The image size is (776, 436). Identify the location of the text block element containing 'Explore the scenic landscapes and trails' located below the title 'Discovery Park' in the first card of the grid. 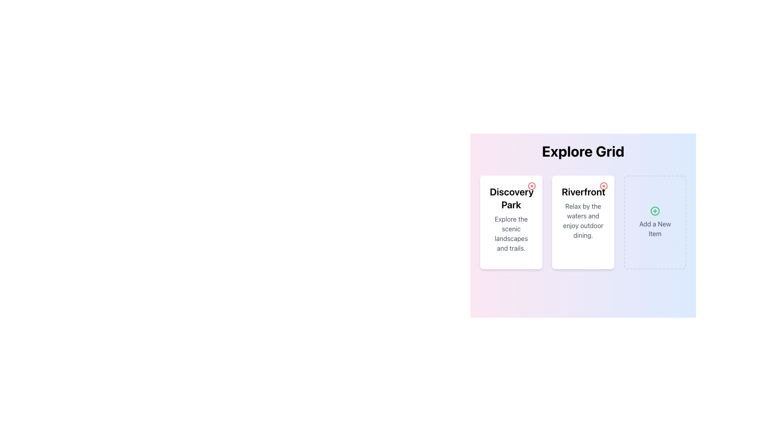
(511, 233).